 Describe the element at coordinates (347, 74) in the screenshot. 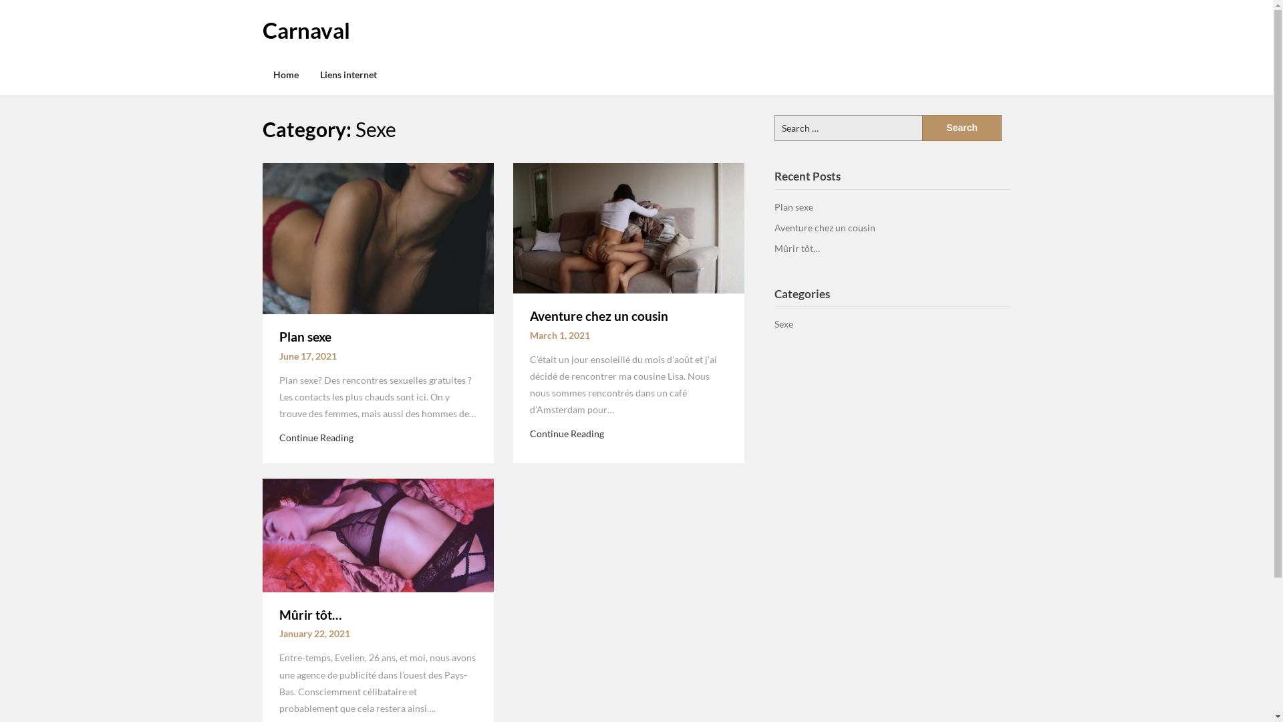

I see `'Liens internet'` at that location.